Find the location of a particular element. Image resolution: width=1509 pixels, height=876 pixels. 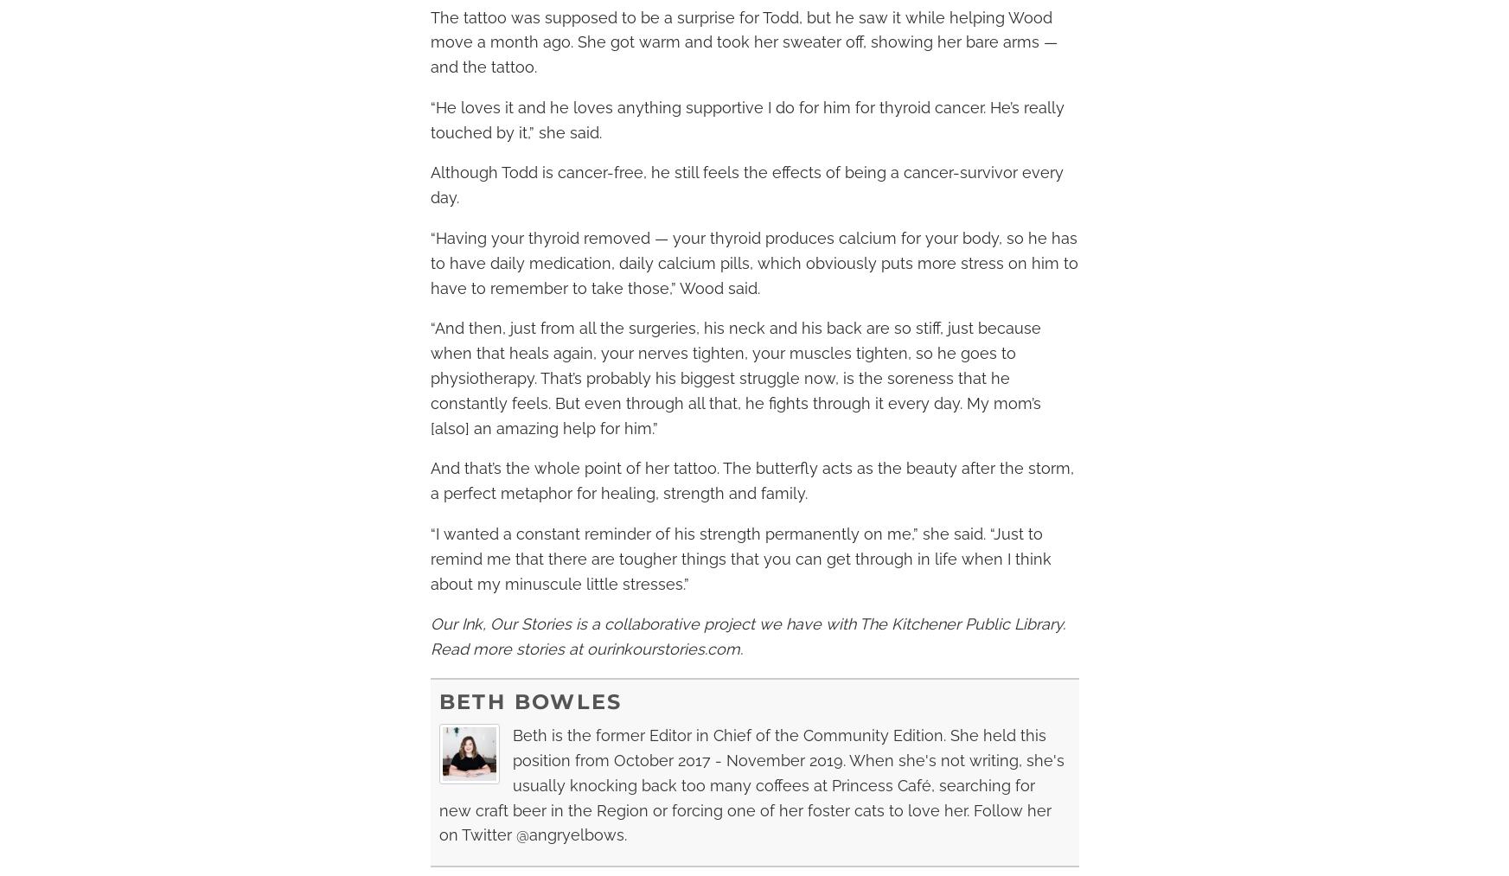

'“I wanted a constant reminder of his strength permanently on me,” she said. “Just to remind me that there are tougher things that you can get through in life when I think about my minuscule little stresses.”' is located at coordinates (739, 557).